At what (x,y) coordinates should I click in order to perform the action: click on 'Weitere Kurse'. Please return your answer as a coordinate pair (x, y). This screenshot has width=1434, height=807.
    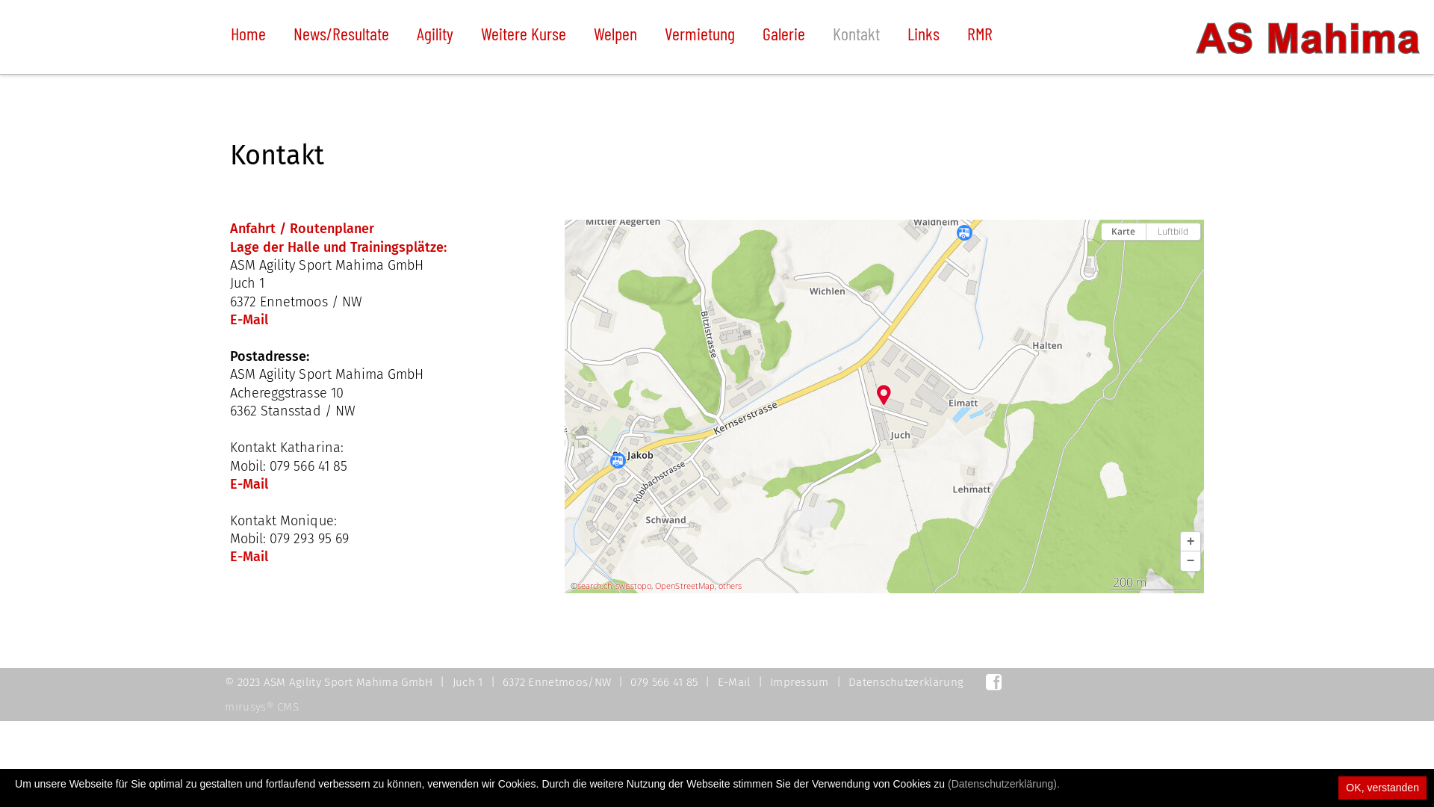
    Looking at the image, I should click on (523, 37).